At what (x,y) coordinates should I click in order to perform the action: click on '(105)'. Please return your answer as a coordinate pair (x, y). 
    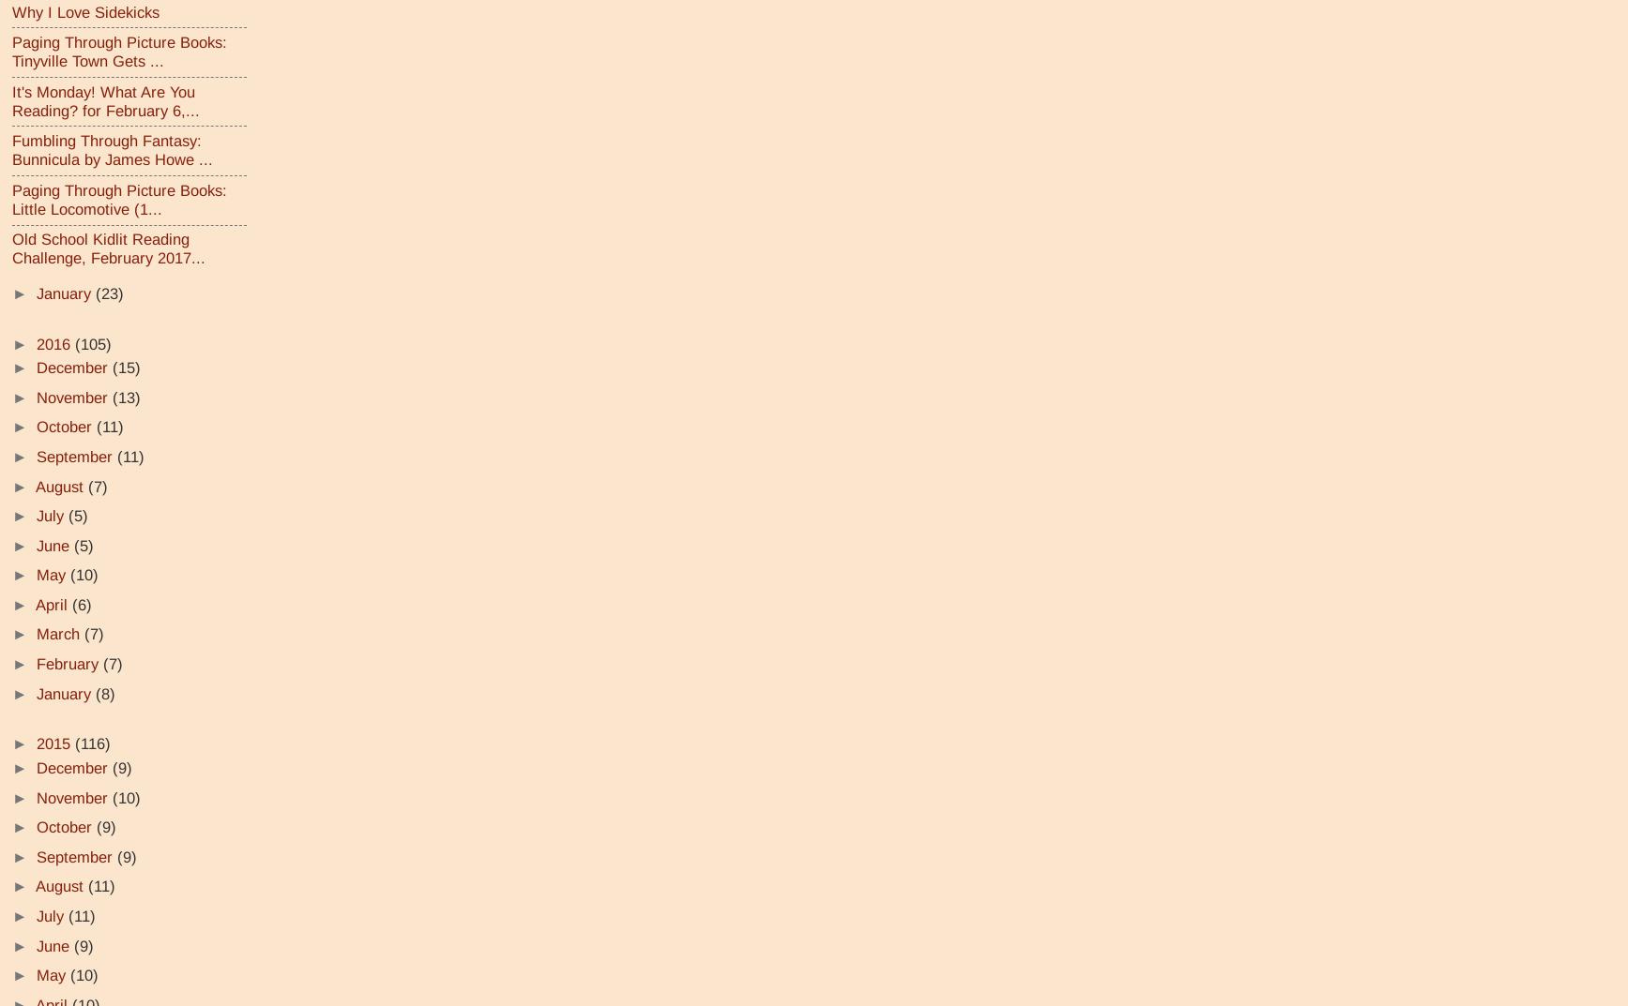
    Looking at the image, I should click on (93, 342).